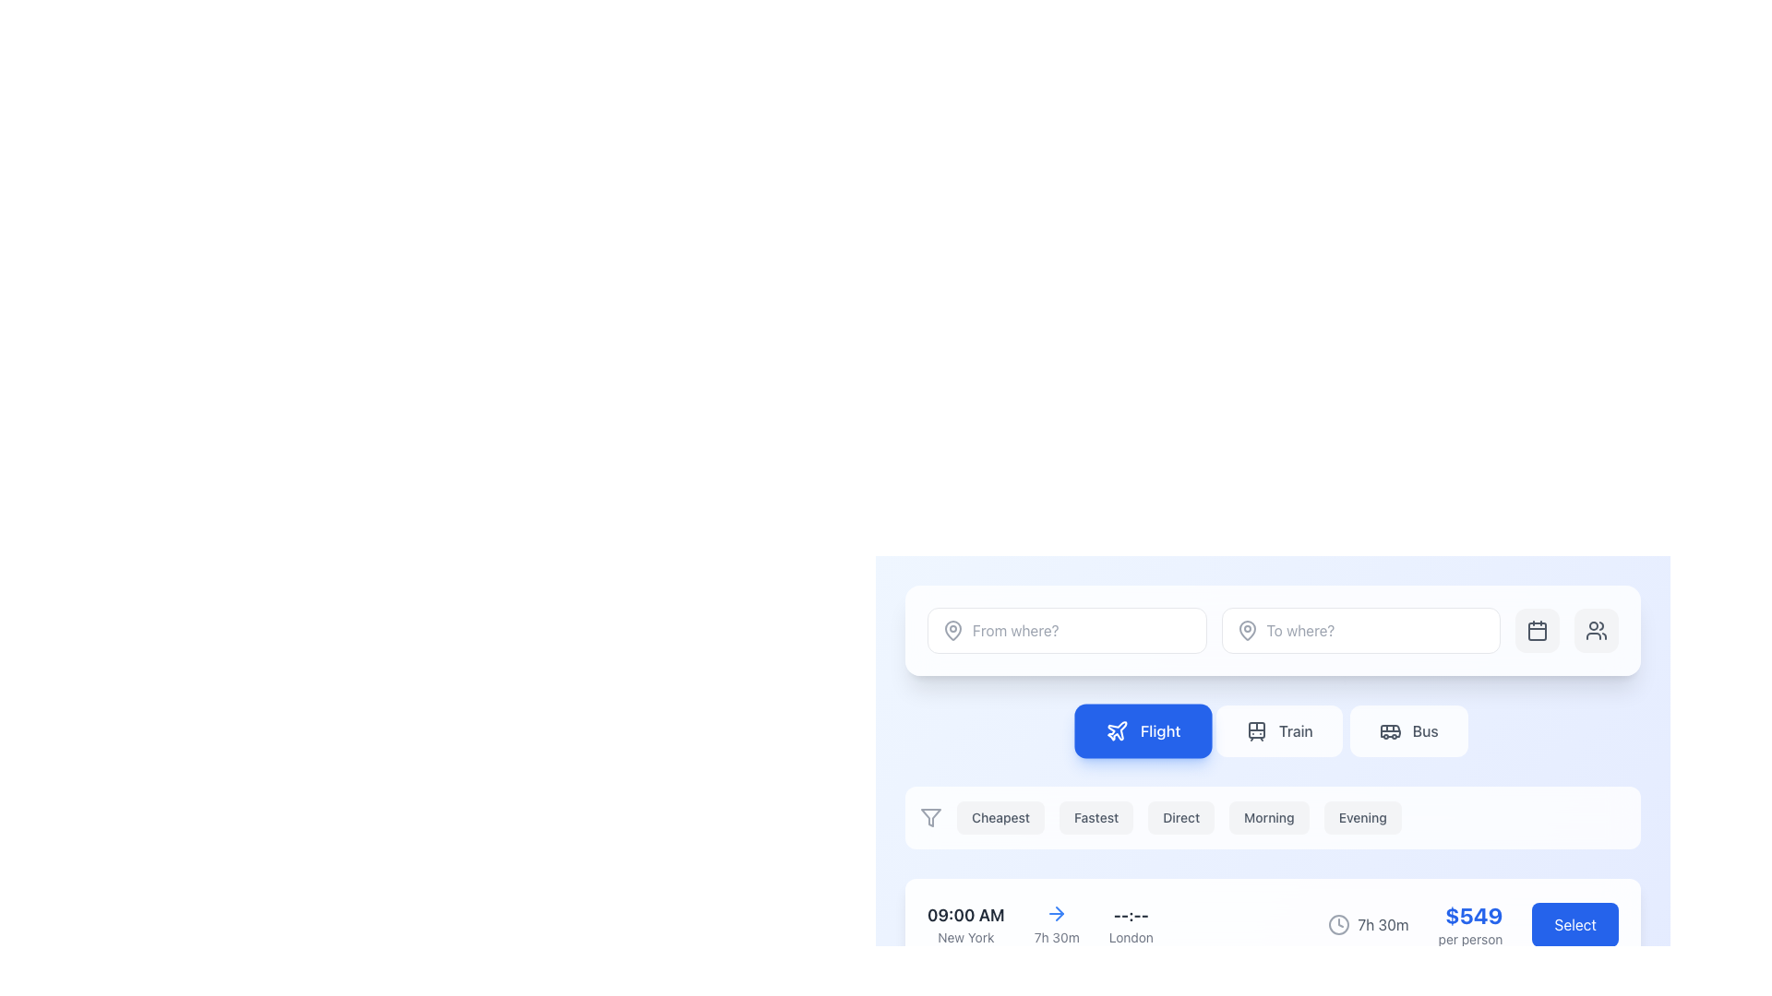  Describe the element at coordinates (1272, 924) in the screenshot. I see `flight details from the Composite element displaying flight information and the interactive 'Select' button located at the bottom of the options list` at that location.